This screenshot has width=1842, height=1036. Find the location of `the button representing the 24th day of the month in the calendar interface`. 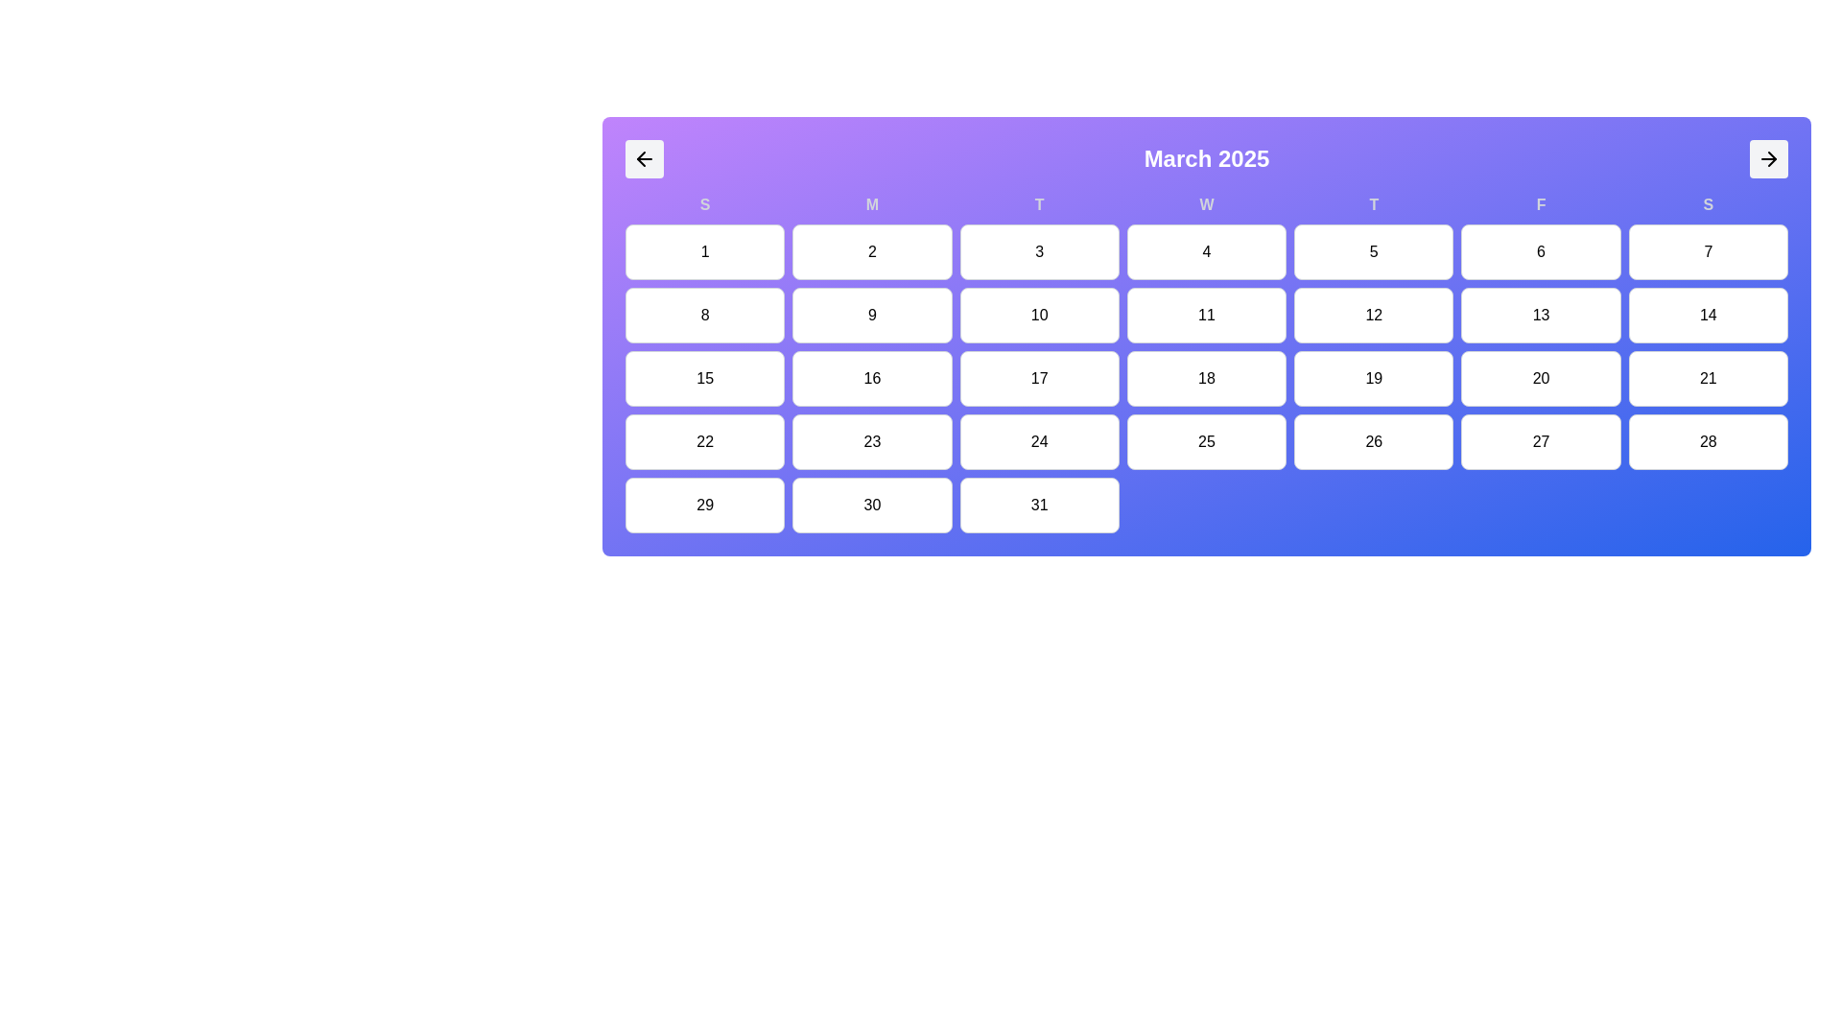

the button representing the 24th day of the month in the calendar interface is located at coordinates (1038, 442).